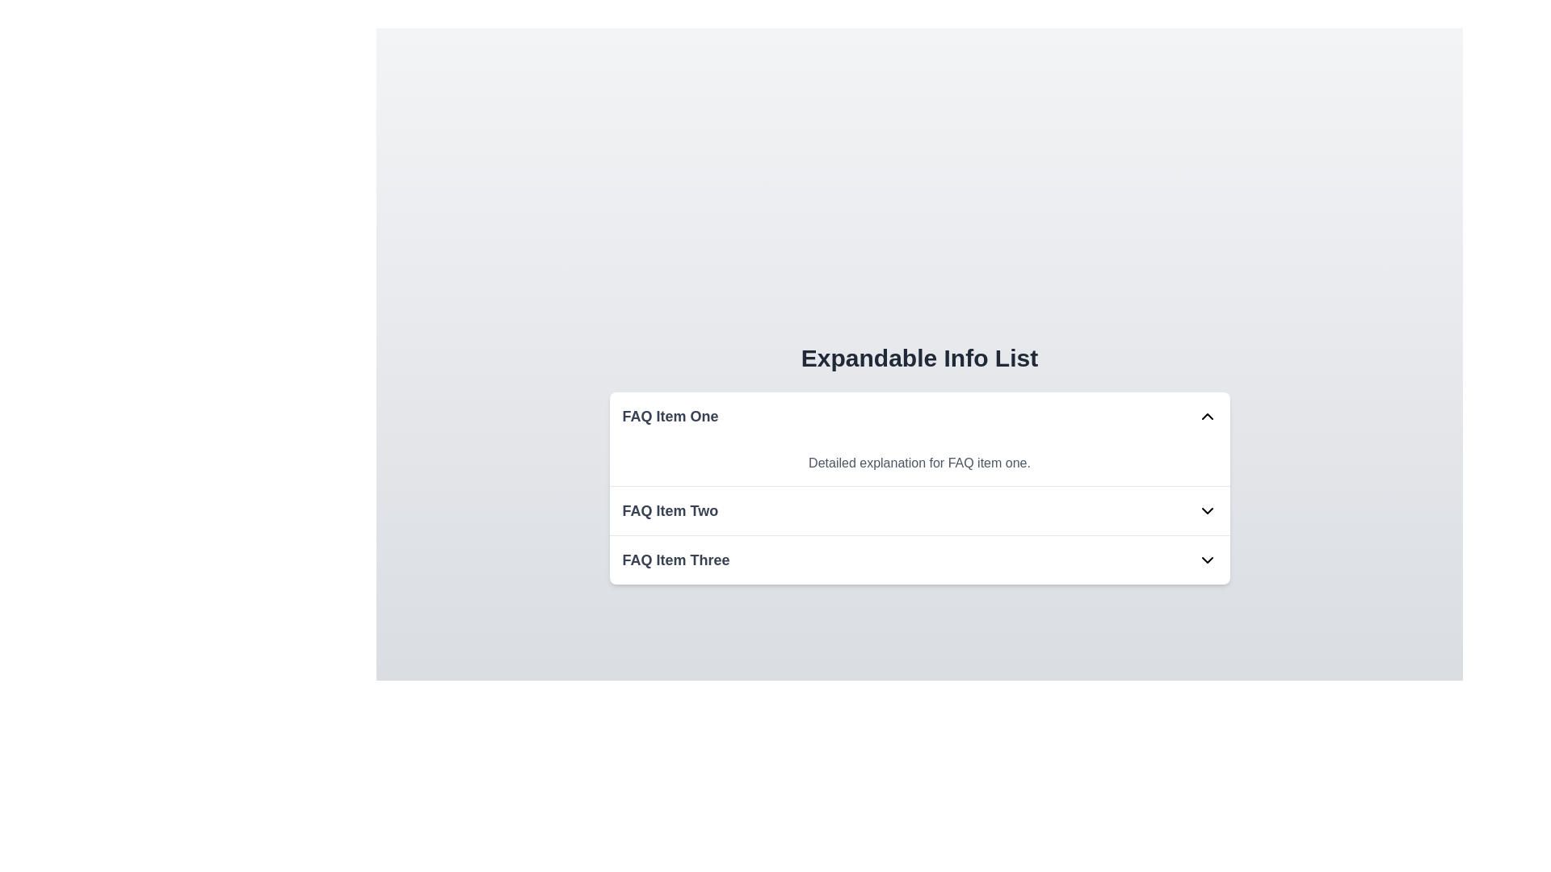 The height and width of the screenshot is (872, 1551). Describe the element at coordinates (1207, 510) in the screenshot. I see `the Dropdown toggle icon located at the far right of the 'FAQ Item Two' section` at that location.